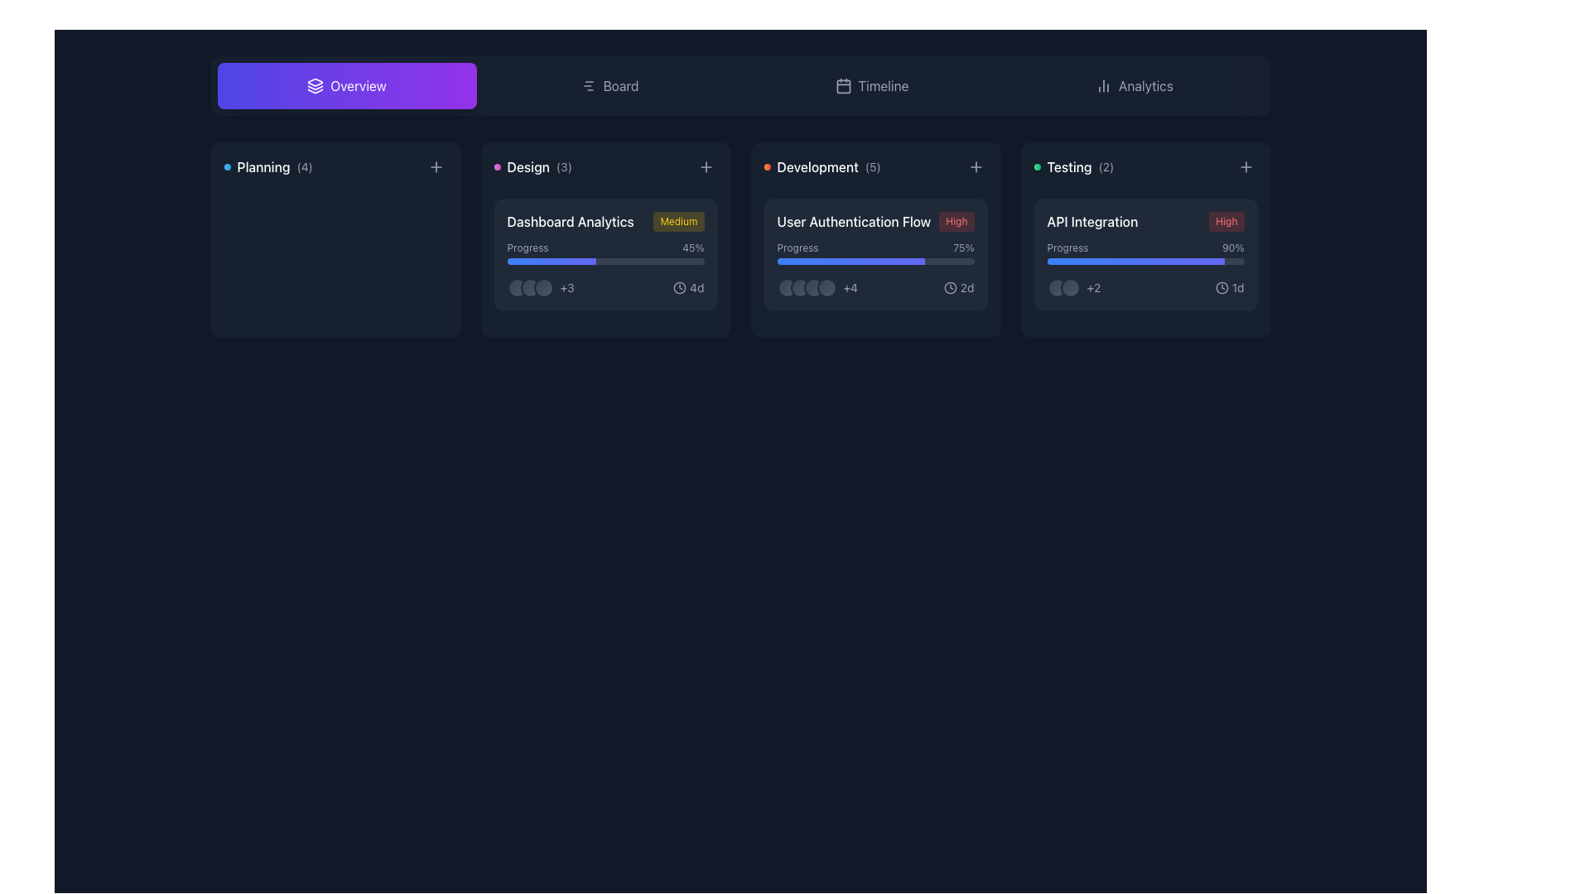 The image size is (1590, 894). Describe the element at coordinates (516, 286) in the screenshot. I see `the small circular indicator or avatar placeholder located in the top-left corner of the group of three circular components below the 'Dashboard Analytics' card in the 'Design' section` at that location.